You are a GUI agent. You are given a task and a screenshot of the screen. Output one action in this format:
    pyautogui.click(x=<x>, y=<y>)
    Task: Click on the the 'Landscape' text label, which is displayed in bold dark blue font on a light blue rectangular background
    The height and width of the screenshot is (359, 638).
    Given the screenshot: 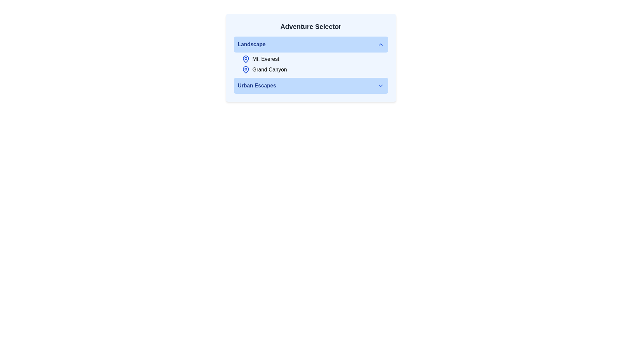 What is the action you would take?
    pyautogui.click(x=251, y=45)
    